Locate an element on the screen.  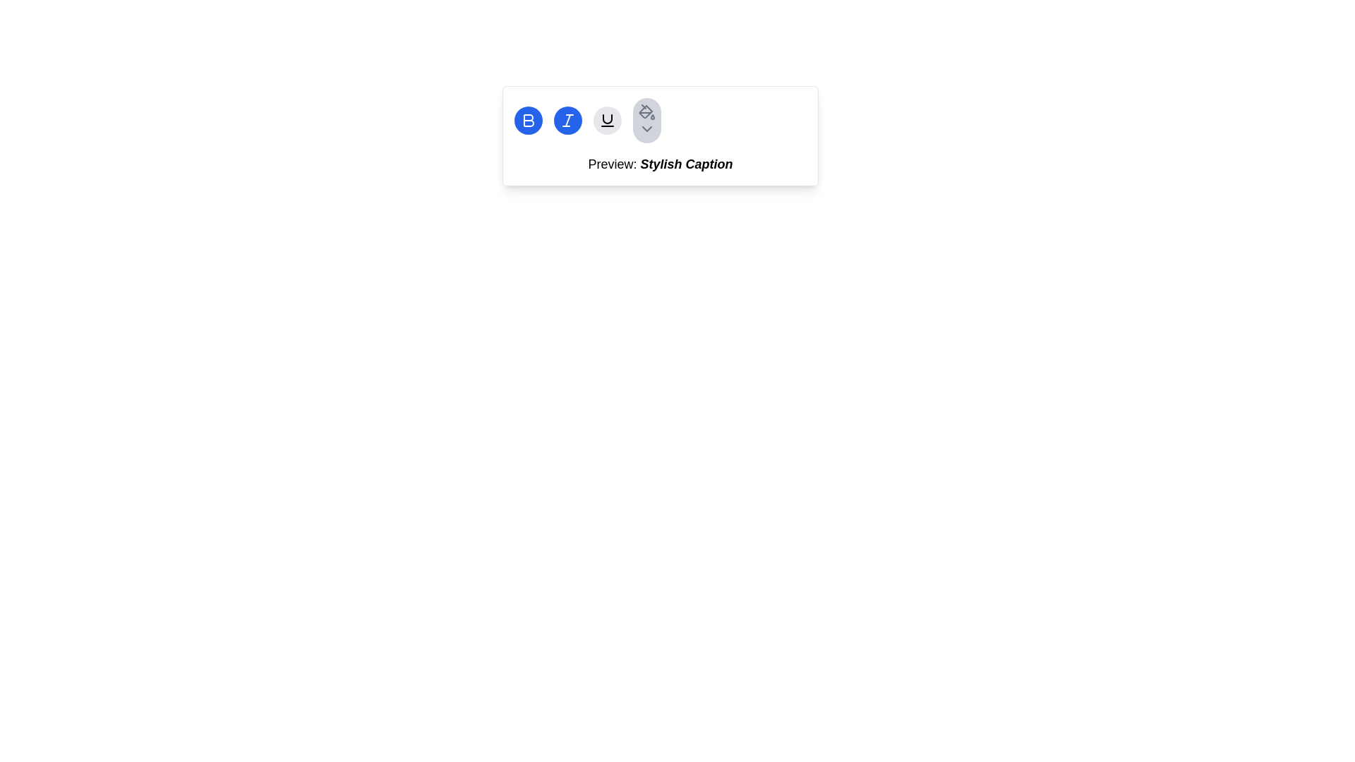
the circular bold button with a blue background and a white 'B' at its center to apply the bold style is located at coordinates (527, 119).